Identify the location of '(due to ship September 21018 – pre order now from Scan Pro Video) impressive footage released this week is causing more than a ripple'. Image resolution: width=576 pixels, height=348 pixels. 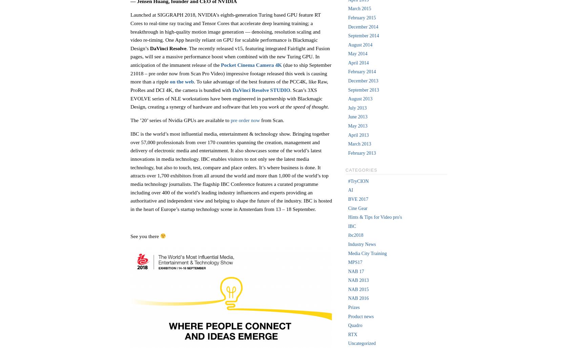
(231, 73).